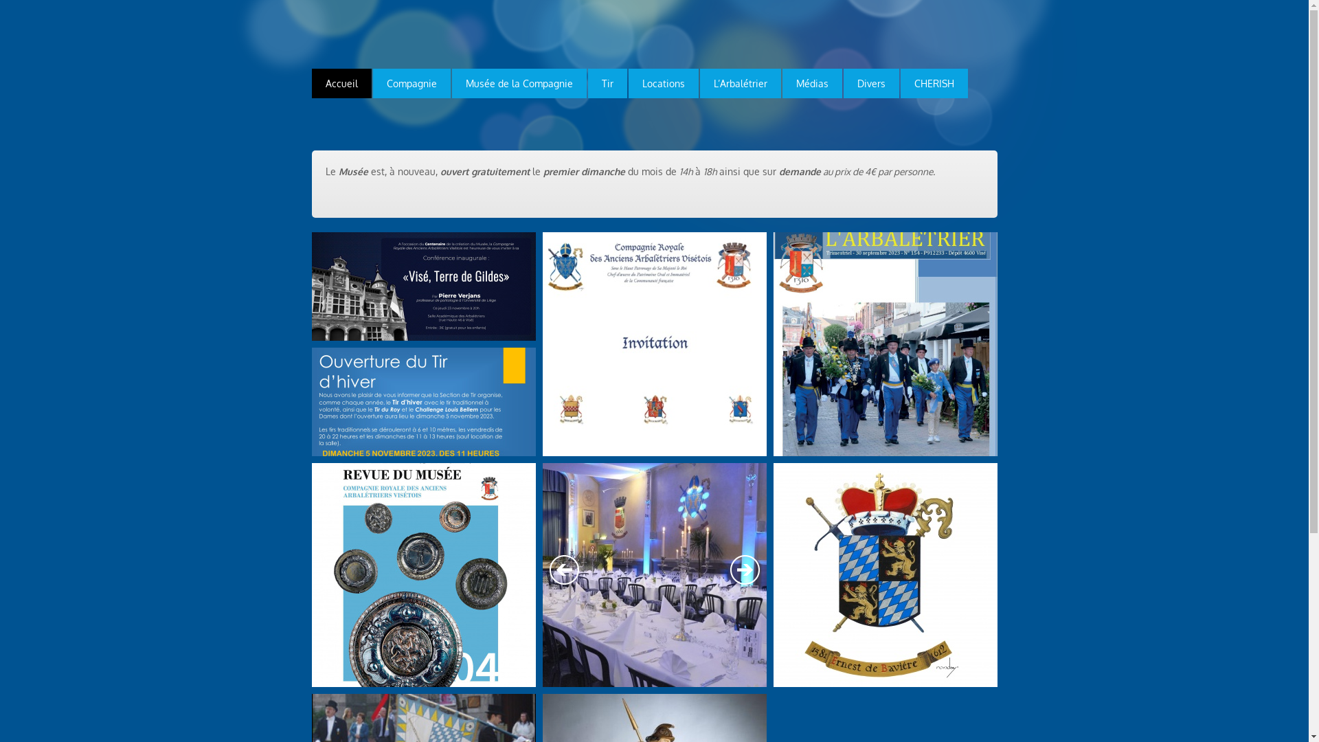 The height and width of the screenshot is (742, 1319). I want to click on 'CHERISH', so click(933, 83).